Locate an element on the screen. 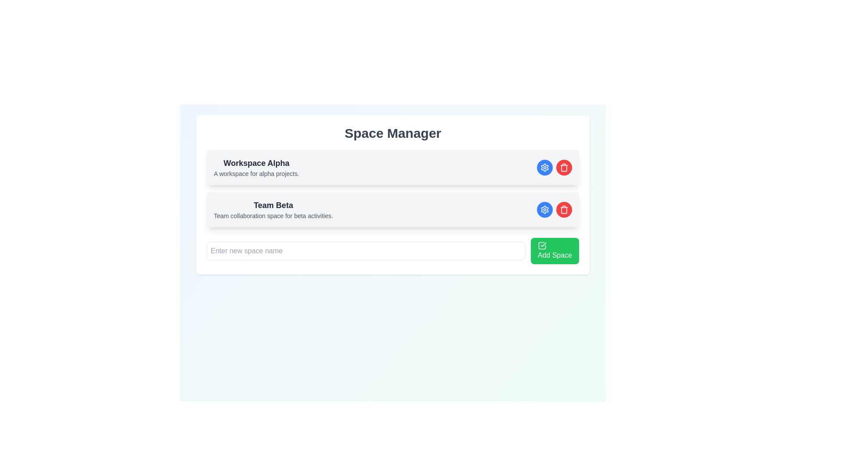 The width and height of the screenshot is (843, 474). the red trash button within the 'Workspace Alpha' card is located at coordinates (554, 167).